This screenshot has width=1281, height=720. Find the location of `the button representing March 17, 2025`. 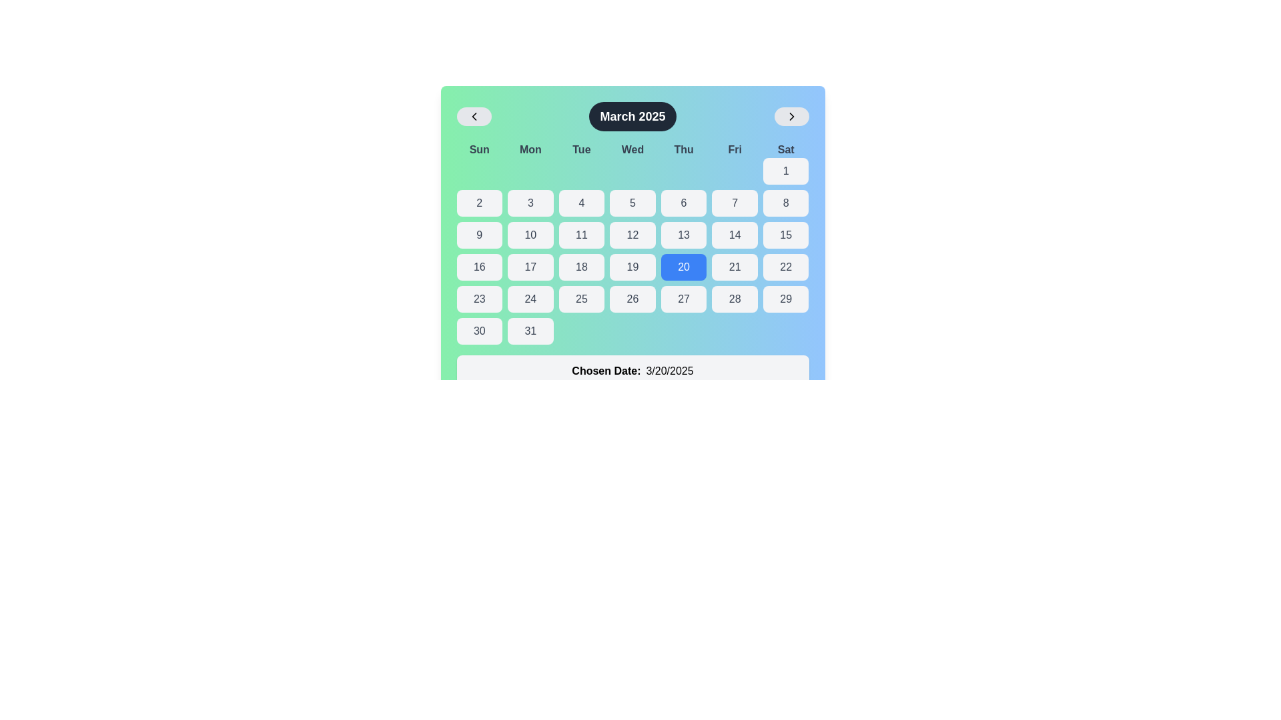

the button representing March 17, 2025 is located at coordinates (530, 267).